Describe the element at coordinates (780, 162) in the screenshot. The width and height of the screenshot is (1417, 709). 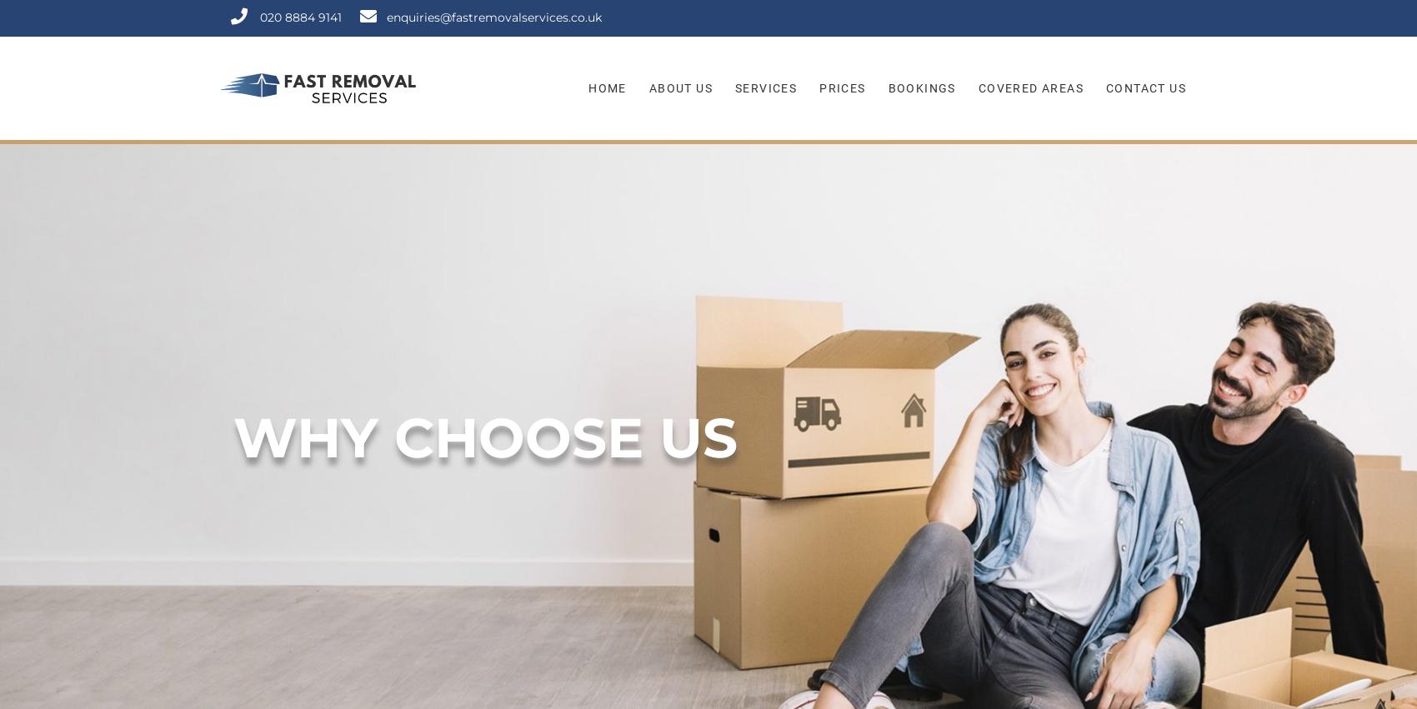
I see `'Office Removals'` at that location.